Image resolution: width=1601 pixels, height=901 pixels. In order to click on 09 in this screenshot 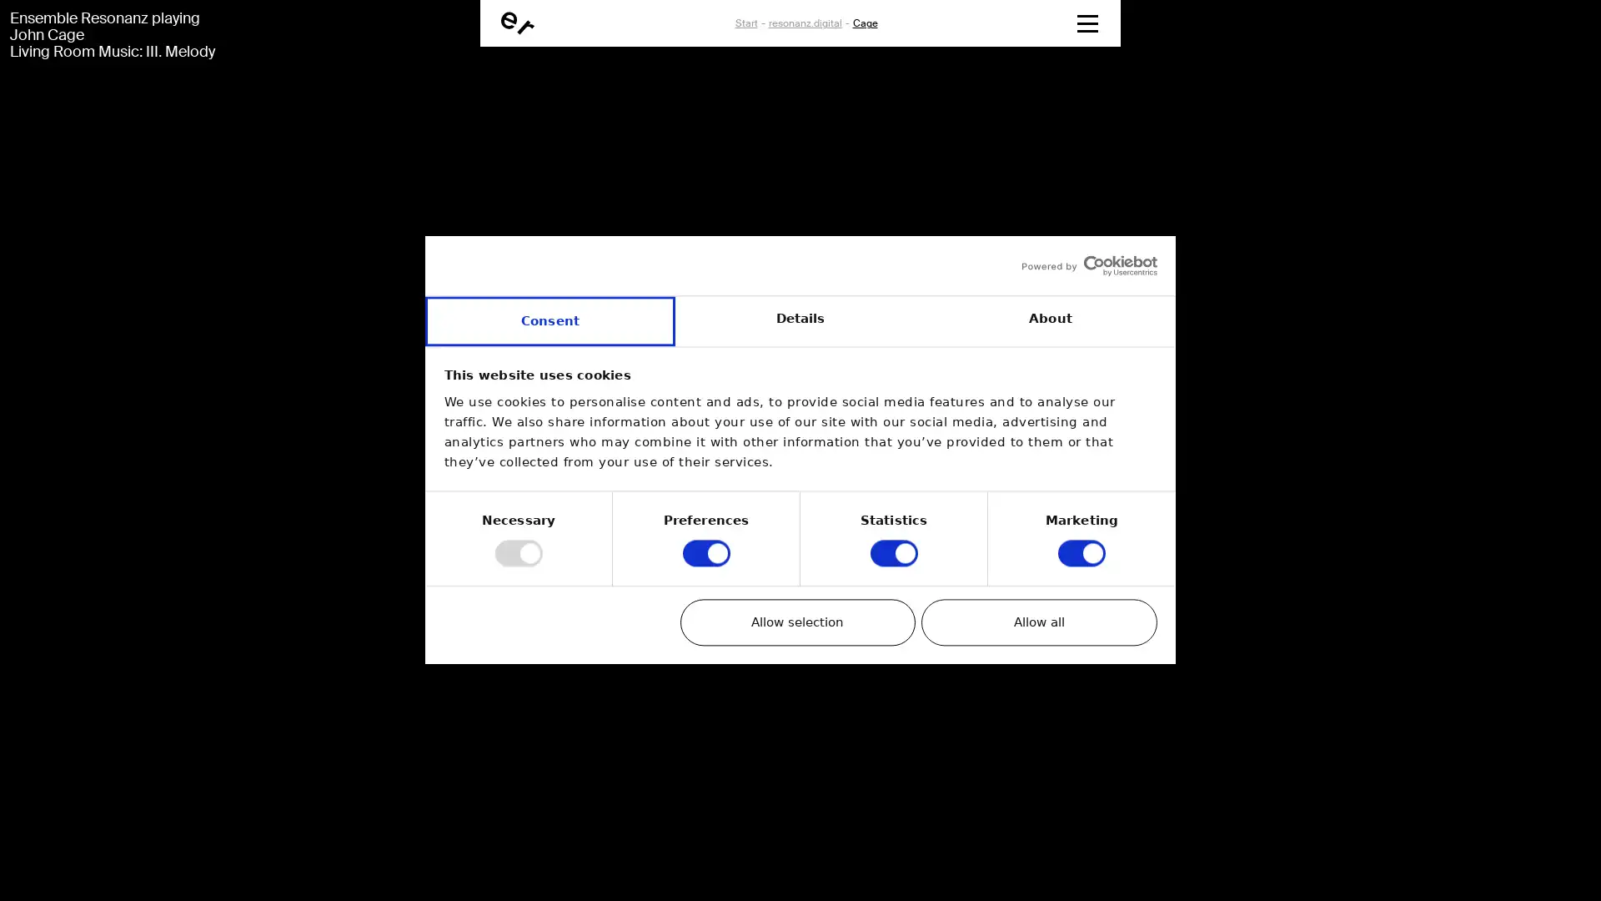, I will do `click(1282, 881)`.